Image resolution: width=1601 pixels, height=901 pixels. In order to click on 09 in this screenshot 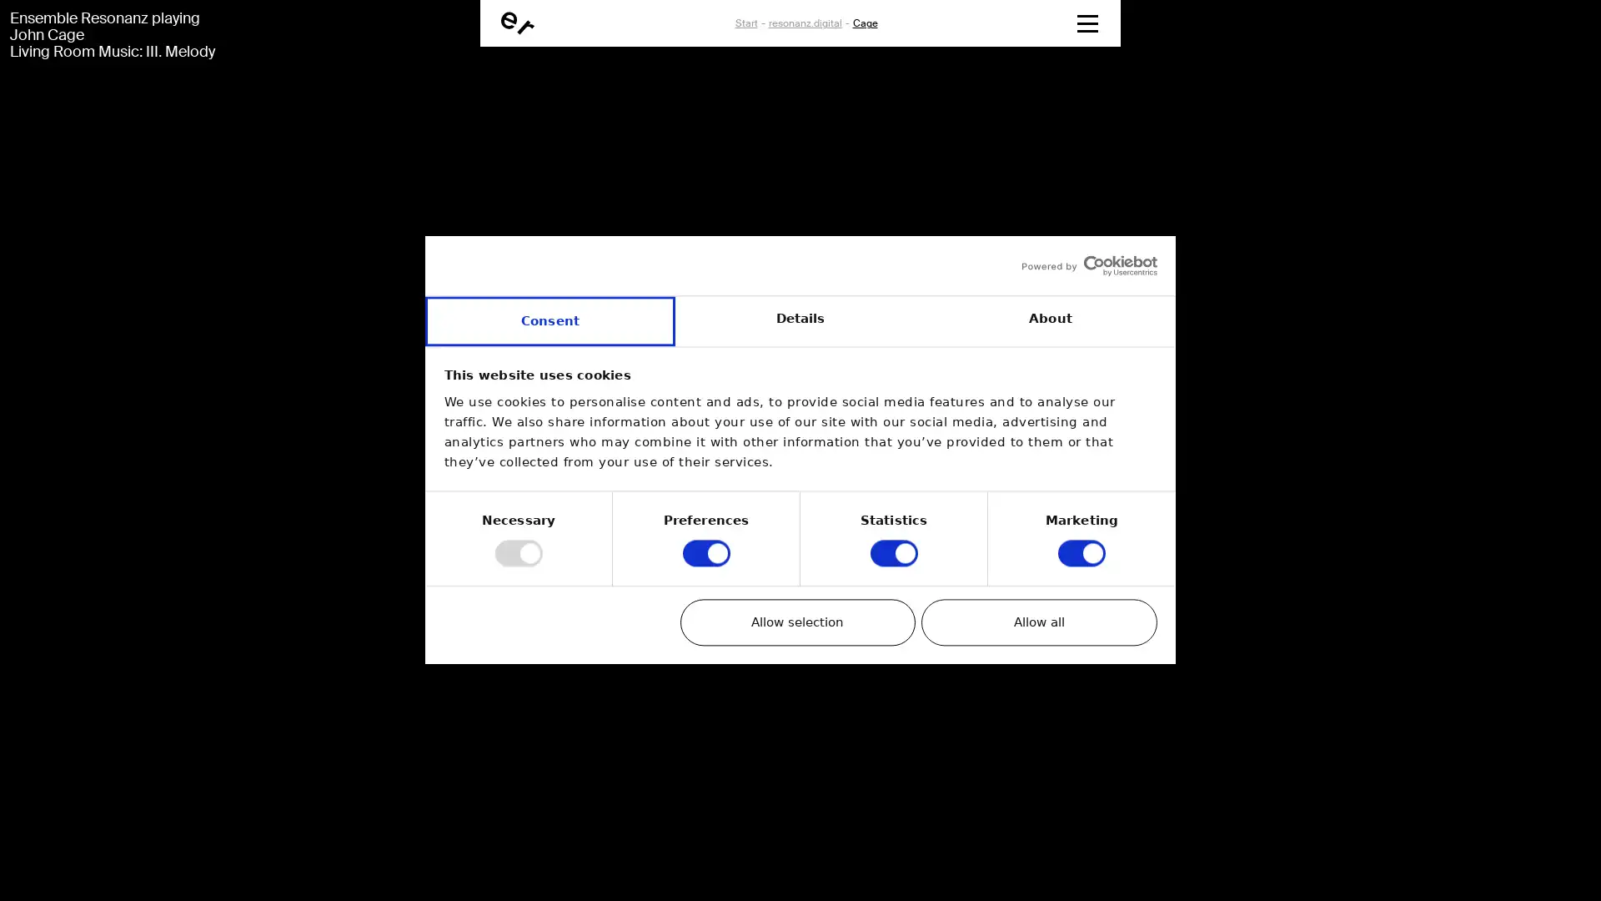, I will do `click(1282, 881)`.